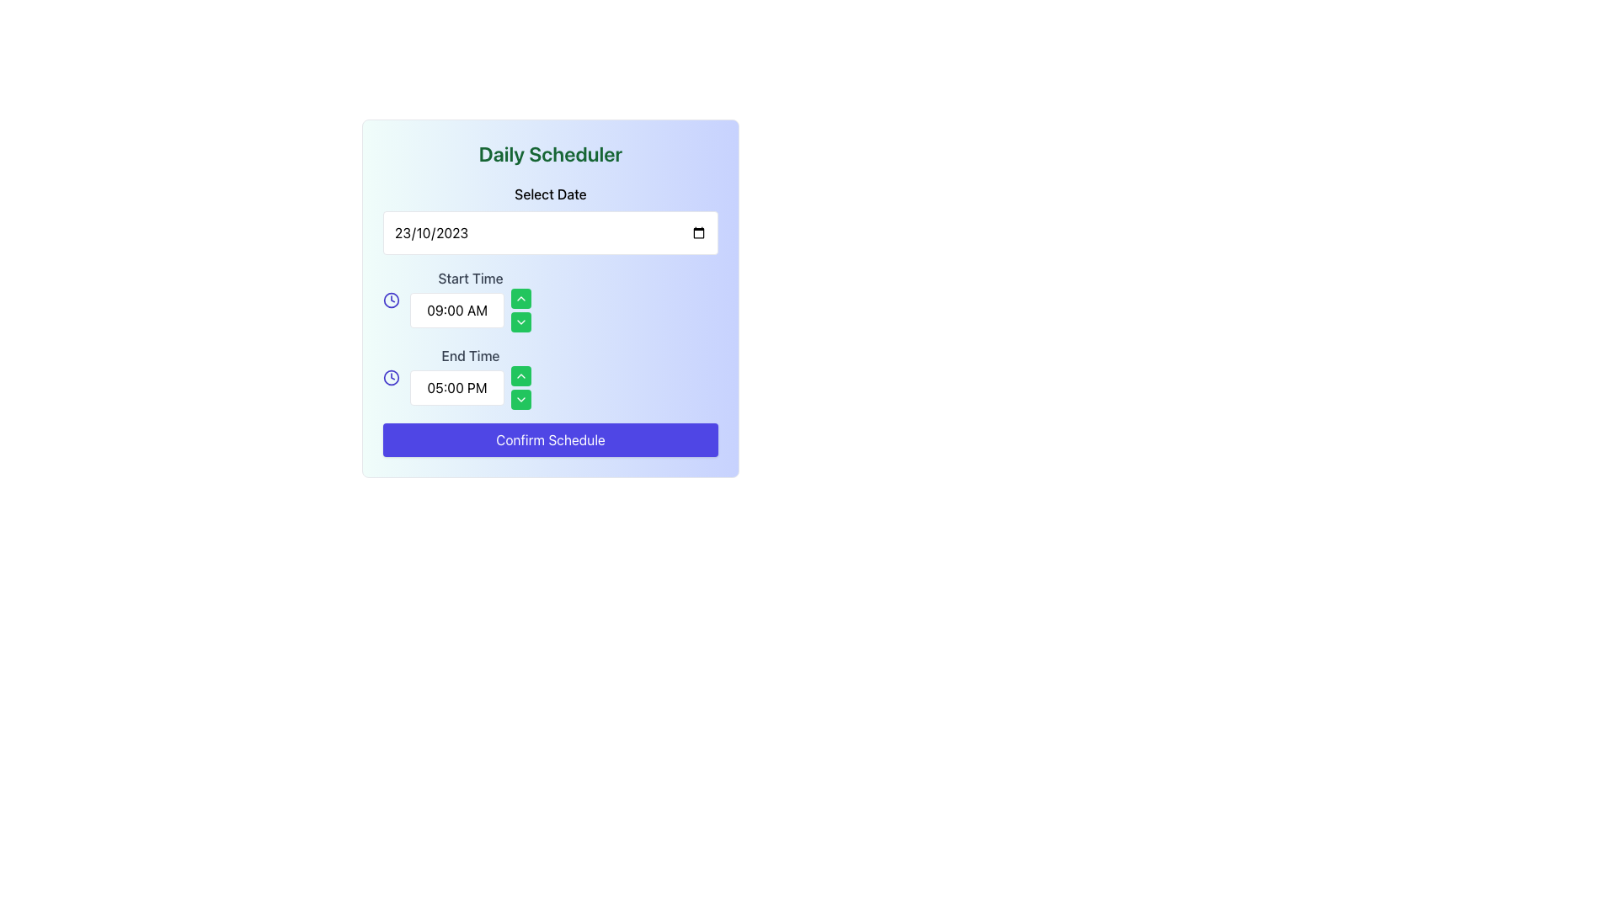  What do you see at coordinates (520, 311) in the screenshot?
I see `the downward button of the vertical stepper control located next to the '09:00 AM' time display in the 'Daily Scheduler' interface to decrease the value` at bounding box center [520, 311].